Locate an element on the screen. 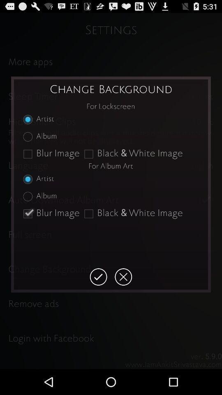 The image size is (222, 395). the icon below black & white image item is located at coordinates (123, 277).